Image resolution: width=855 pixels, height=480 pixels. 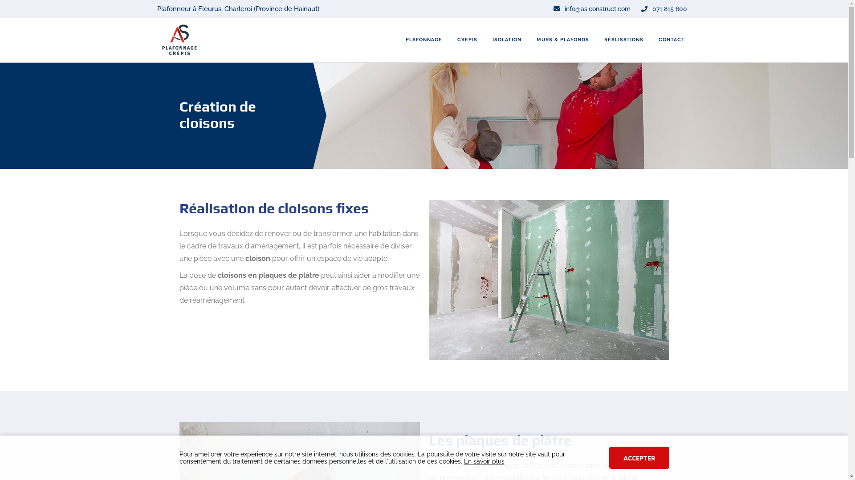 What do you see at coordinates (664, 8) in the screenshot?
I see `'071 815 600'` at bounding box center [664, 8].